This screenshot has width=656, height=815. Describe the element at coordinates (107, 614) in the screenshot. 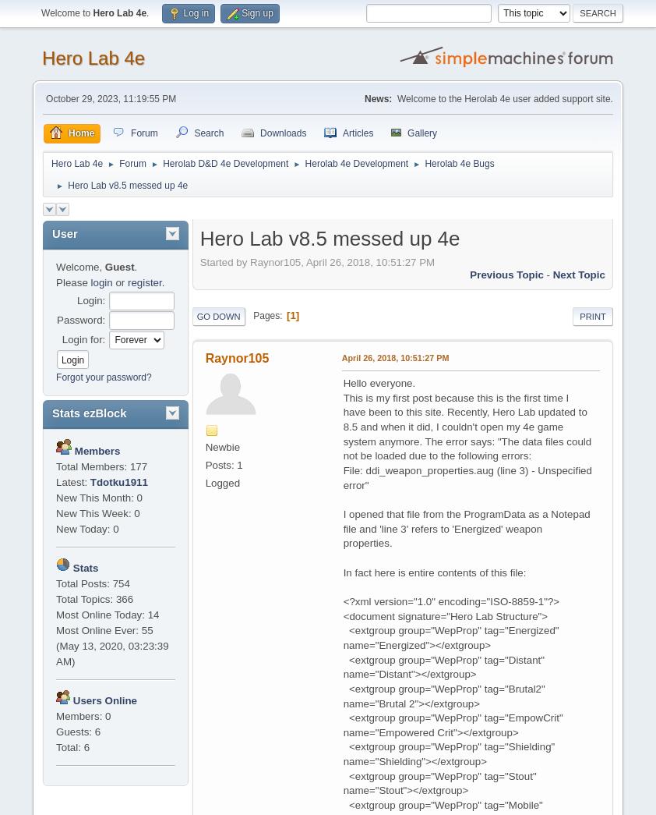

I see `'Most Online Today: 14'` at that location.